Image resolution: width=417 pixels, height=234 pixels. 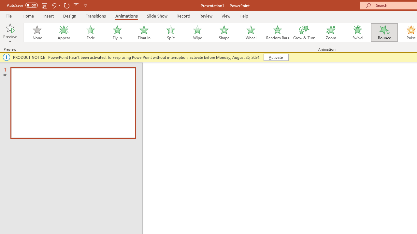 I want to click on 'File Tab', so click(x=8, y=15).